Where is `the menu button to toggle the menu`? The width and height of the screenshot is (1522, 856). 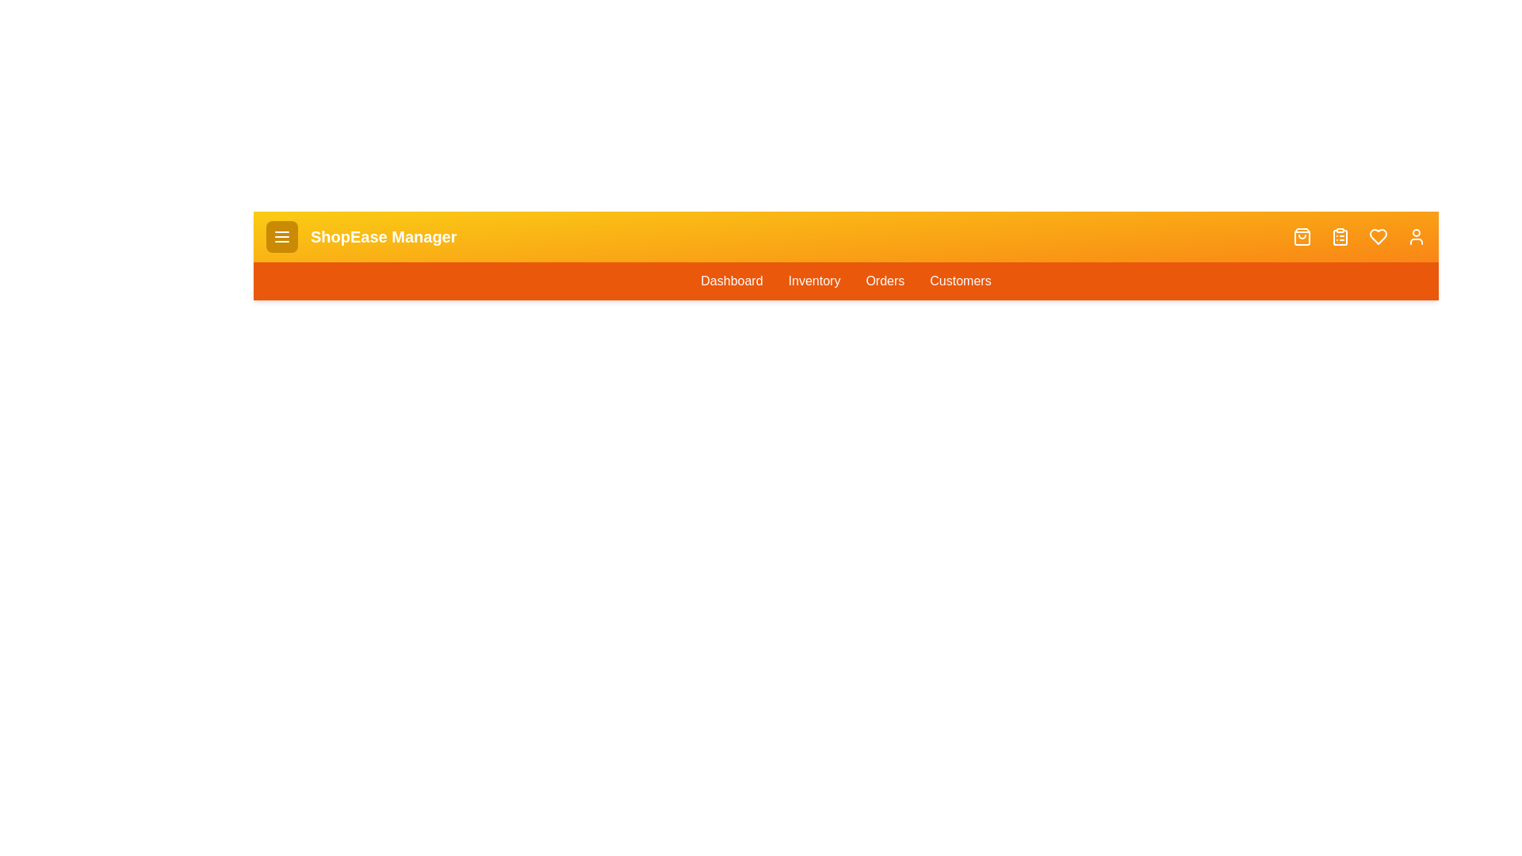
the menu button to toggle the menu is located at coordinates (281, 237).